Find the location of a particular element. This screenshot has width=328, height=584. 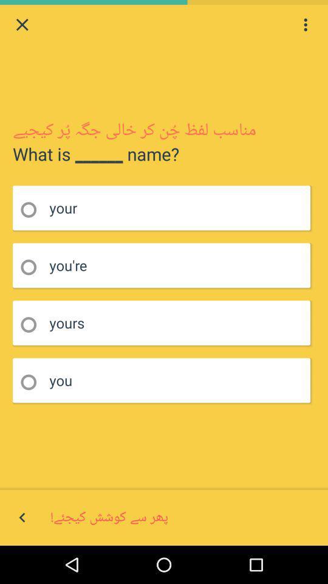

choose is located at coordinates (32, 210).